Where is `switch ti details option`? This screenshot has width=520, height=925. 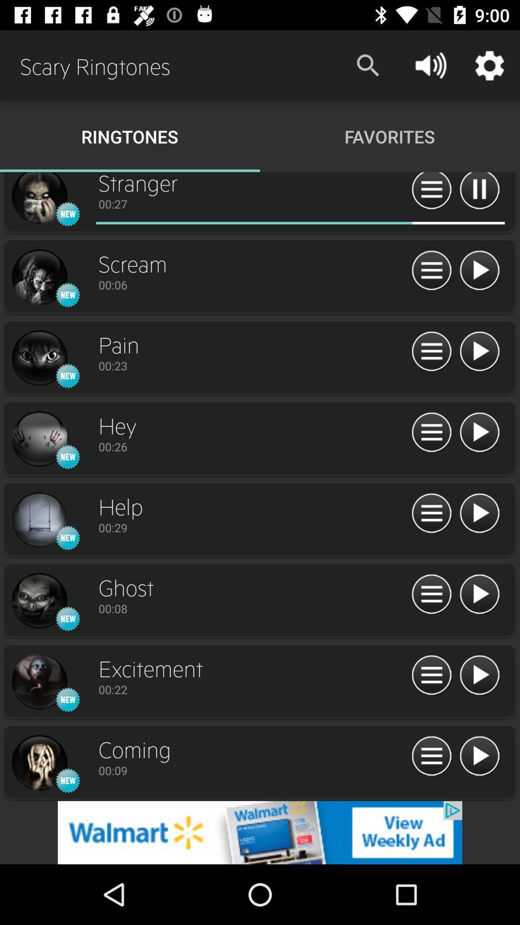
switch ti details option is located at coordinates (431, 594).